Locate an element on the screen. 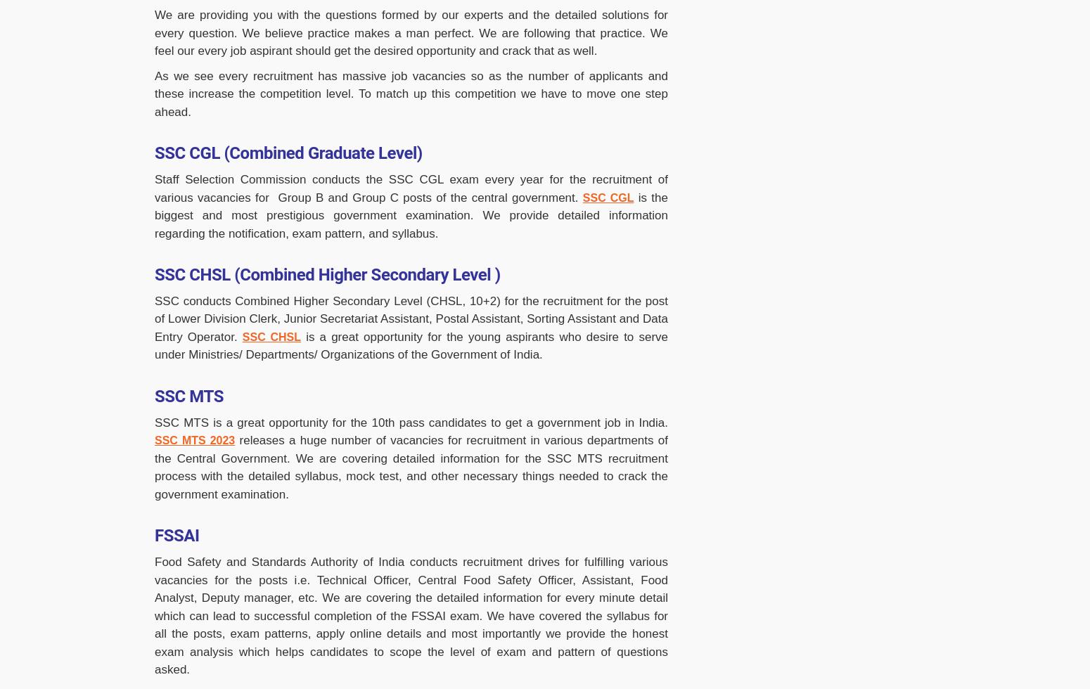 The image size is (1090, 689). 'SSC CHSL (Combined Higher Secondary Level )' is located at coordinates (327, 275).